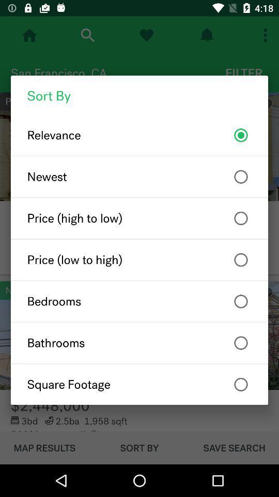  Describe the element at coordinates (139, 384) in the screenshot. I see `the square footage item` at that location.